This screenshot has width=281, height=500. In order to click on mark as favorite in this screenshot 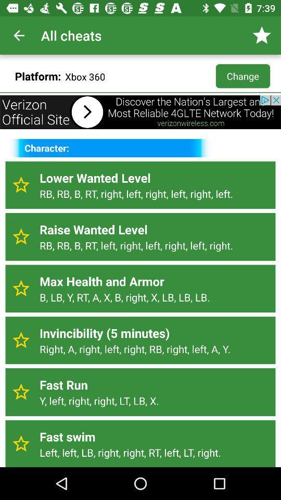, I will do `click(21, 443)`.